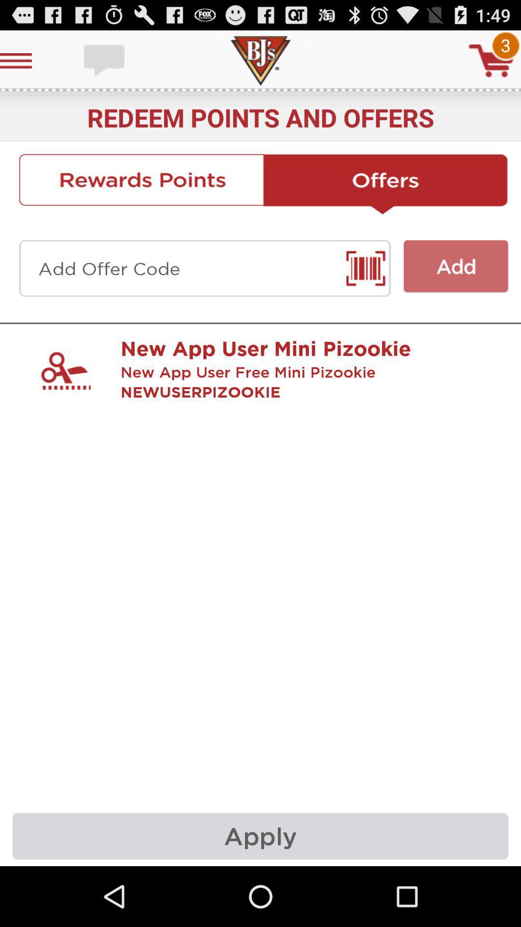 The image size is (521, 927). What do you see at coordinates (492, 60) in the screenshot?
I see `buy` at bounding box center [492, 60].